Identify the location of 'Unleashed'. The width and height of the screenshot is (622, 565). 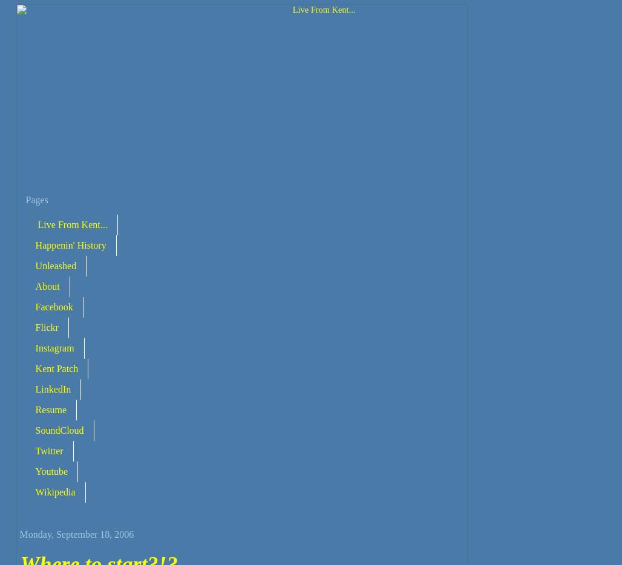
(34, 265).